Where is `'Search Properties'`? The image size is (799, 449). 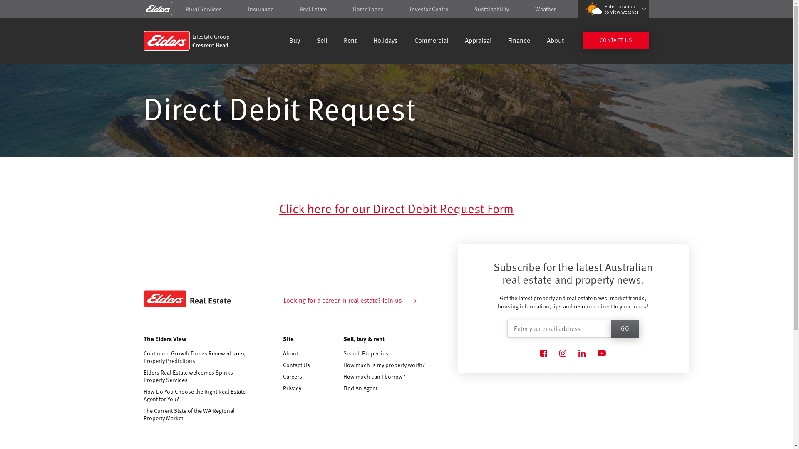 'Search Properties' is located at coordinates (365, 353).